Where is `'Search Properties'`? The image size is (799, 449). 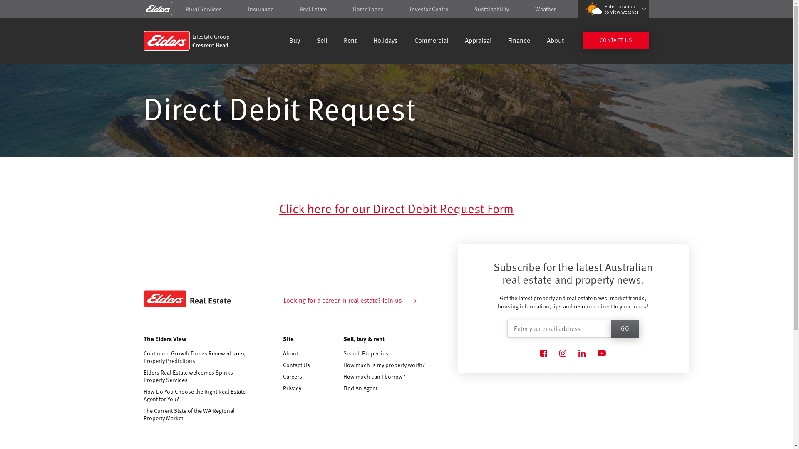 'Search Properties' is located at coordinates (365, 353).